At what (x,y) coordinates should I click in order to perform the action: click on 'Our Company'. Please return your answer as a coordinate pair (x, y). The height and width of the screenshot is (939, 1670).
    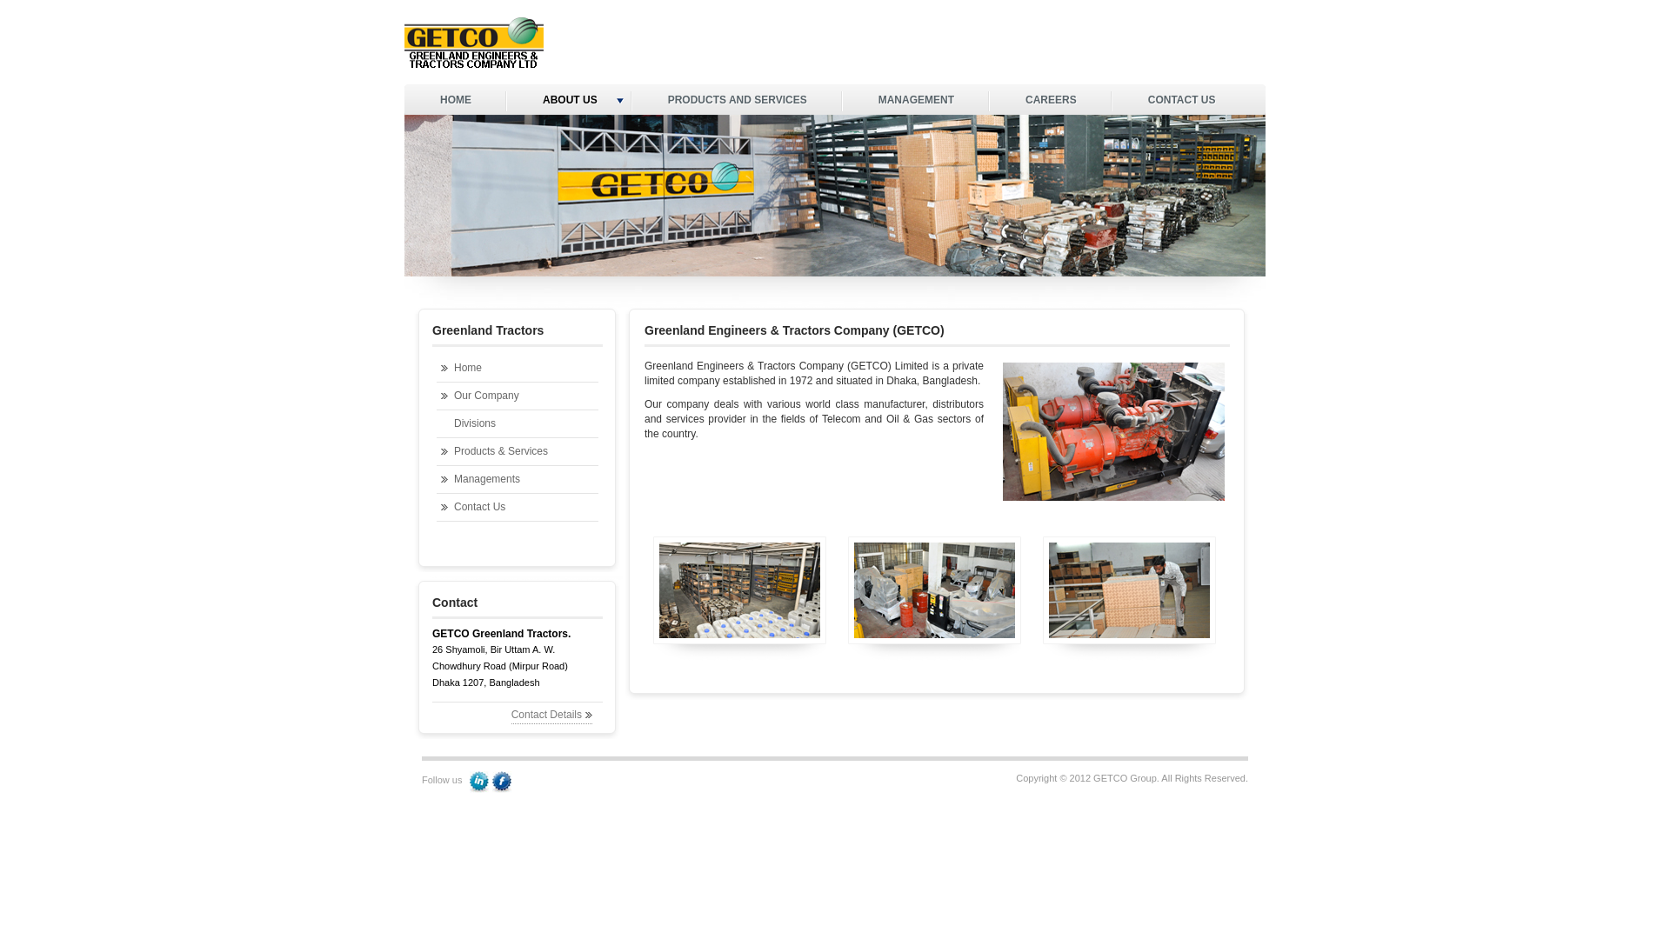
    Looking at the image, I should click on (437, 396).